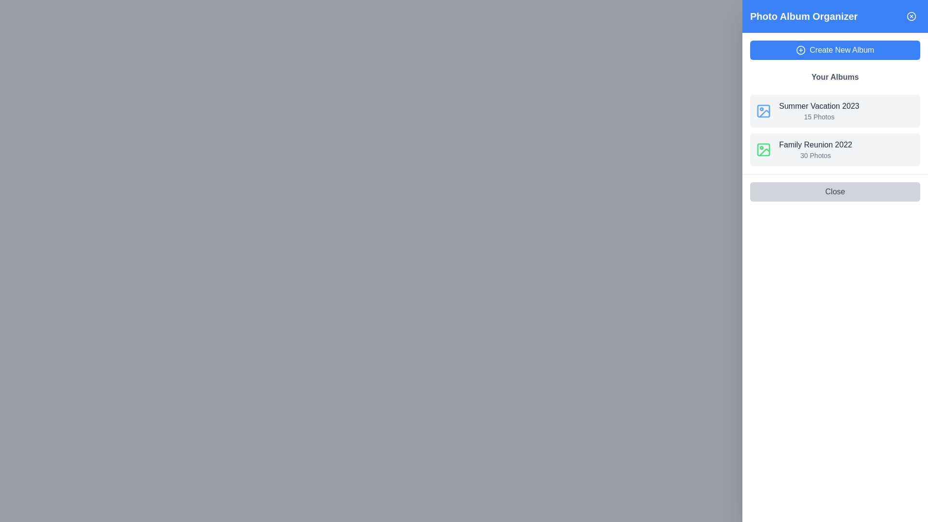 The image size is (928, 522). Describe the element at coordinates (763, 111) in the screenshot. I see `the small rectangular shape with rounded corners that is part of the photo frame icon for the 'Summer Vacation 2023' album` at that location.